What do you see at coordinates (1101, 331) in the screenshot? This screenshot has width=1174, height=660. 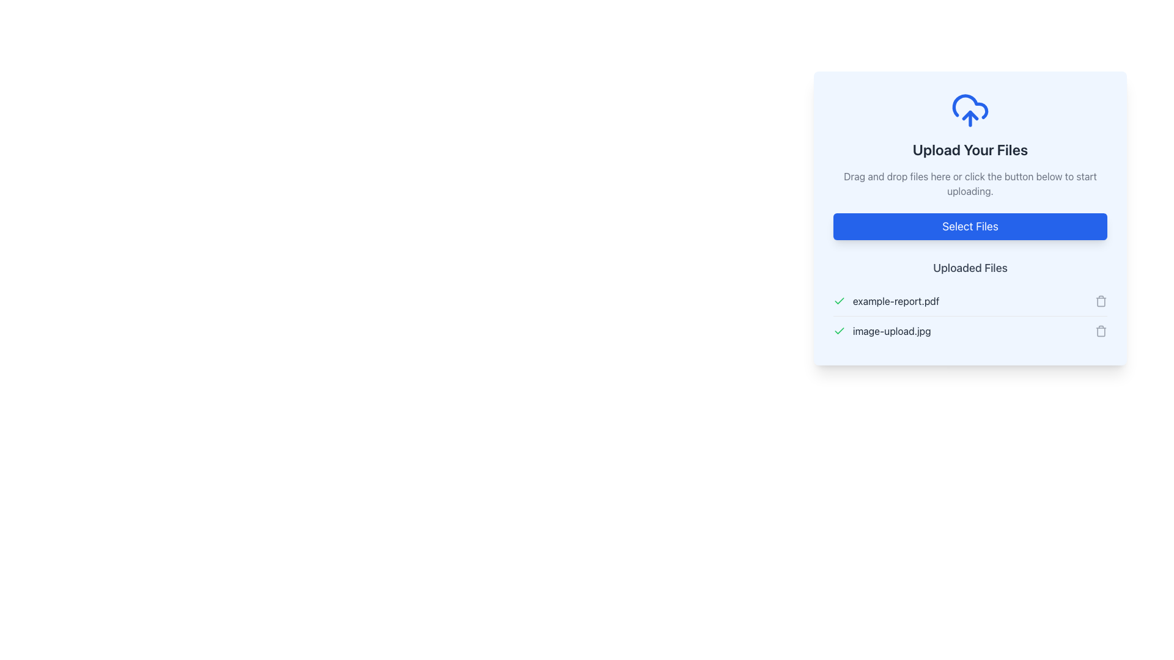 I see `the delete button (trash icon) located in the 'Uploaded Files' section next to the file label 'image-upload.jpg'` at bounding box center [1101, 331].